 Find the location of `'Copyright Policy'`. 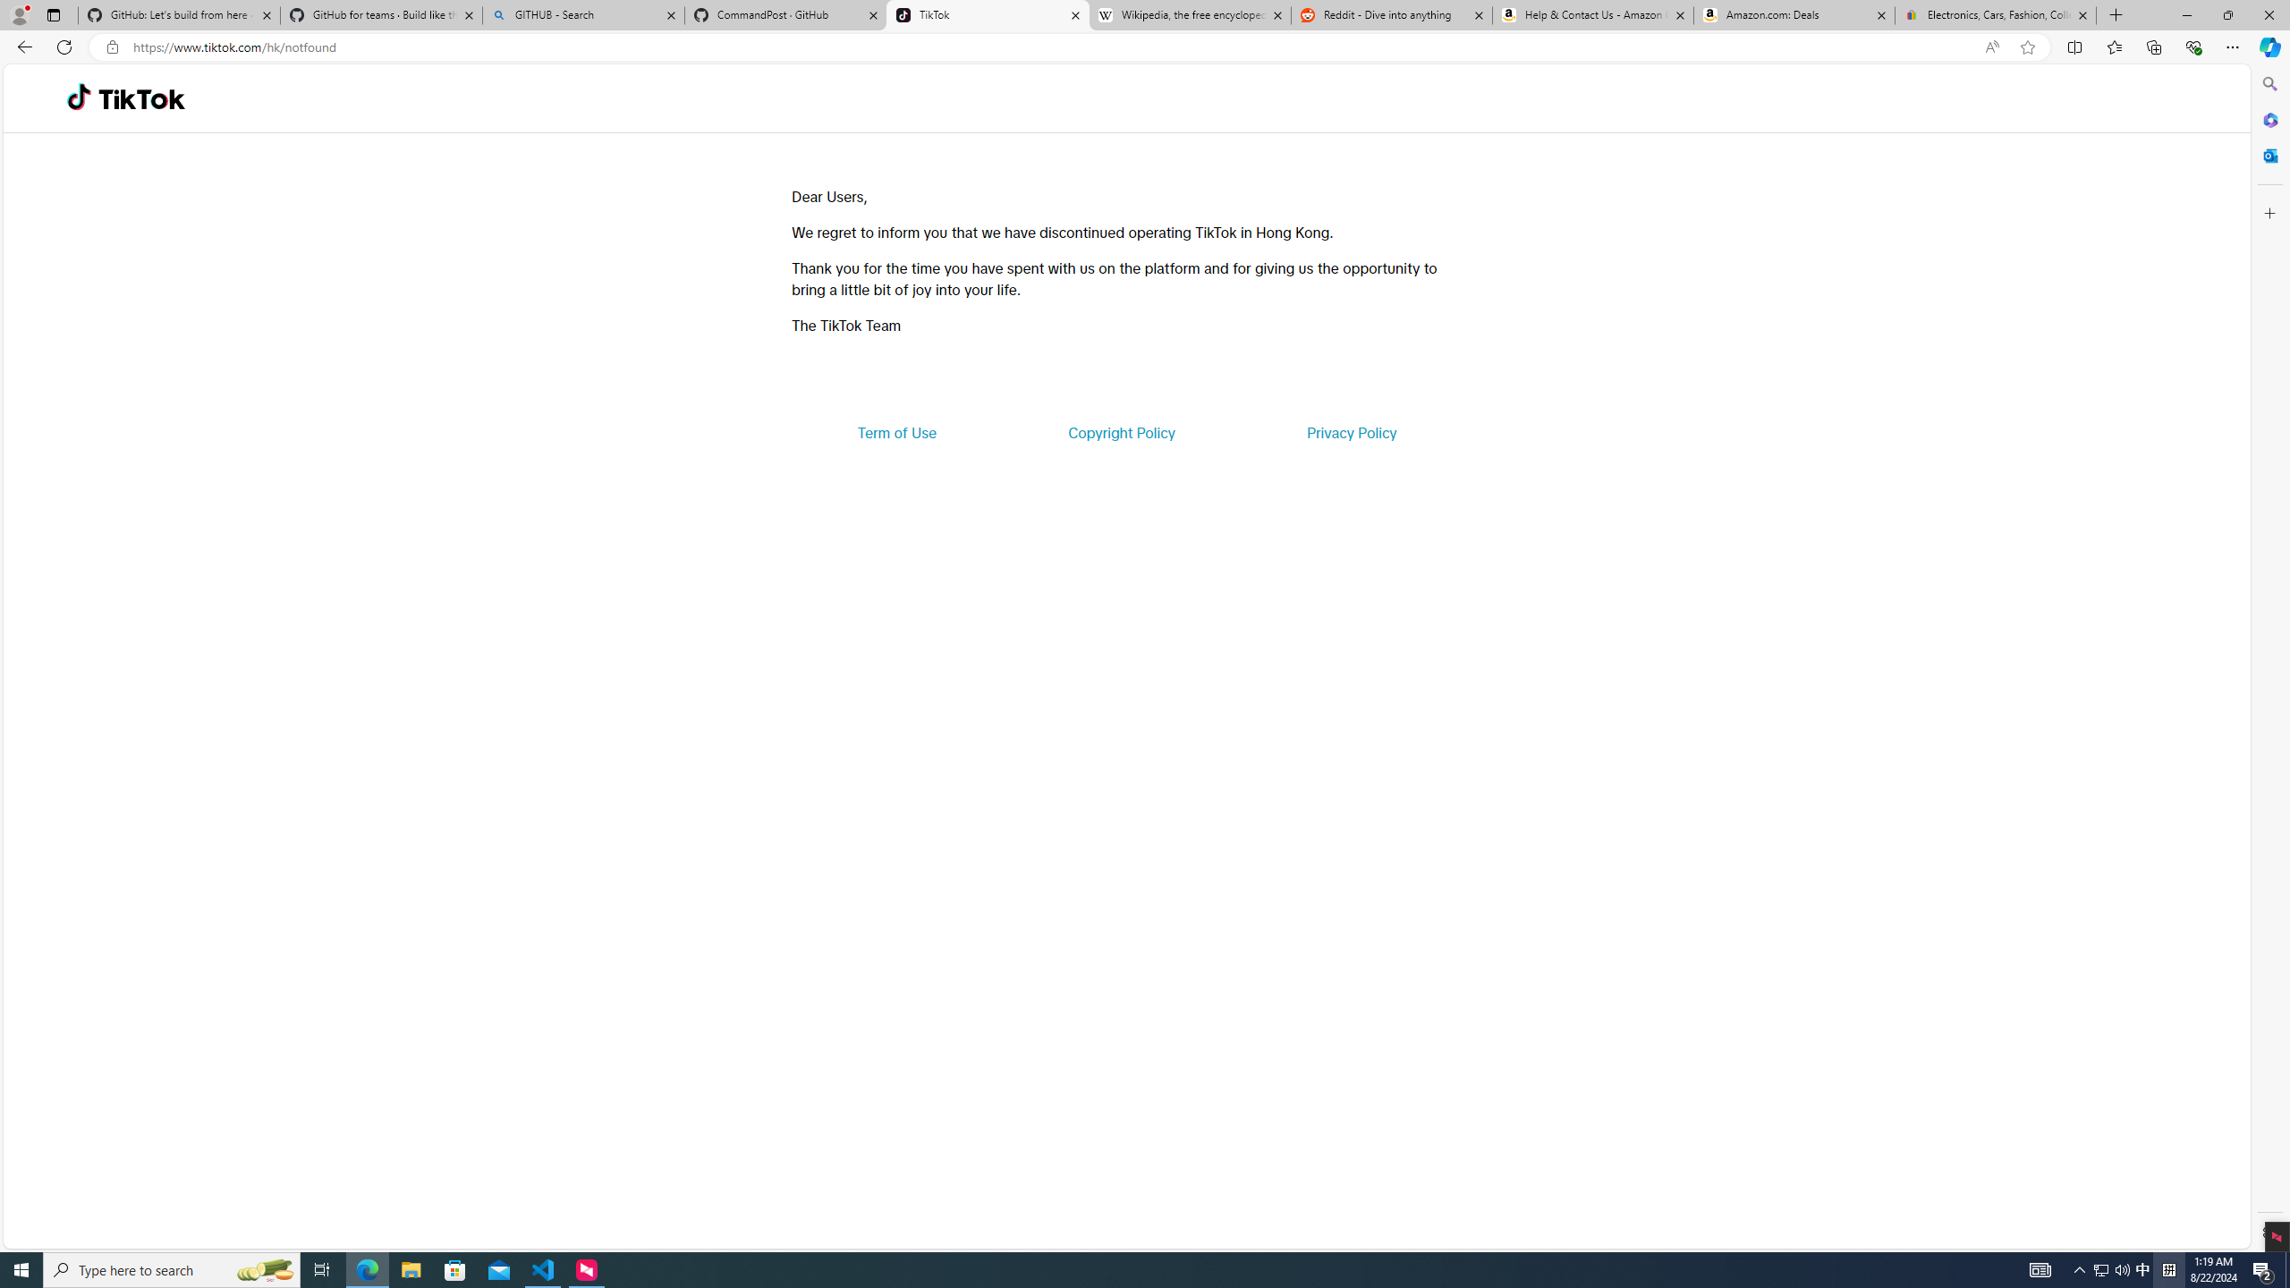

'Copyright Policy' is located at coordinates (1120, 431).